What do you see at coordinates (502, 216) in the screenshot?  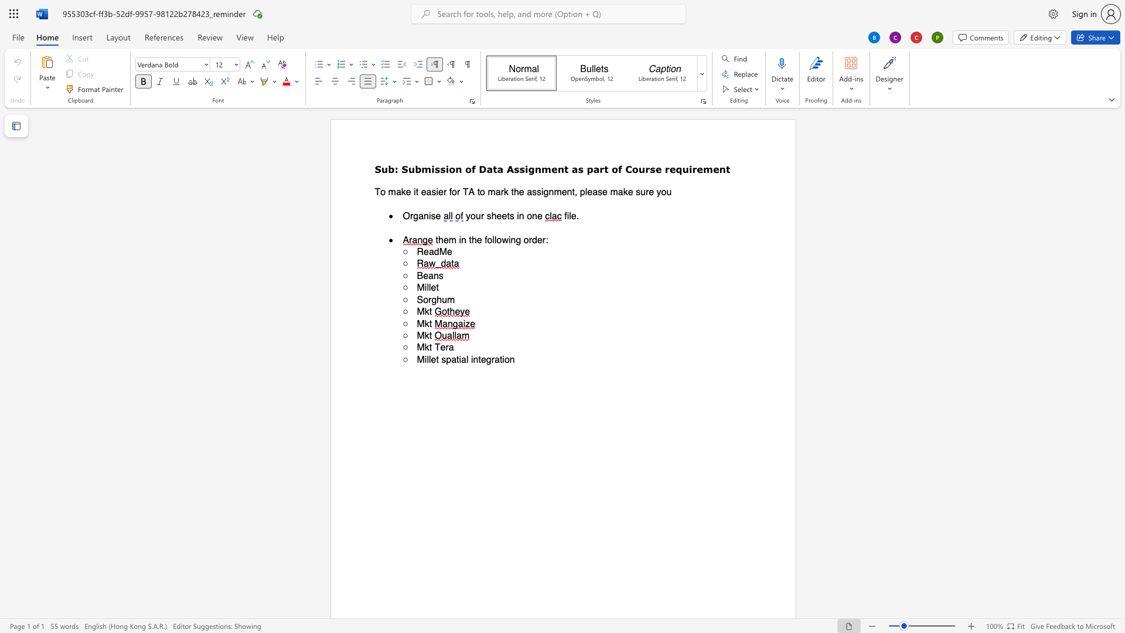 I see `the space between the continuous character "e" and "e" in the text` at bounding box center [502, 216].